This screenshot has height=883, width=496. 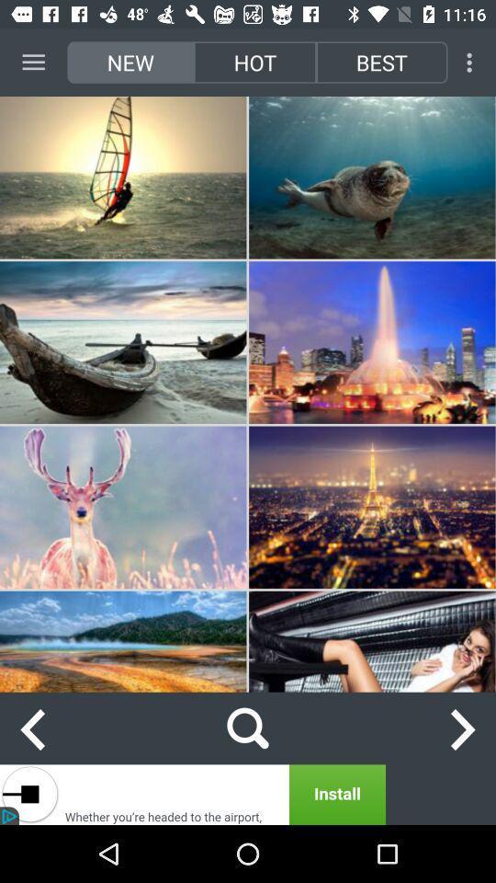 I want to click on the search icon, so click(x=248, y=728).